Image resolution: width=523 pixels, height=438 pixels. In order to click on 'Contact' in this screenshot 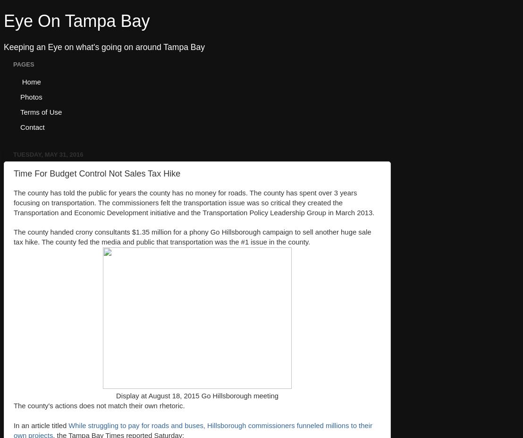, I will do `click(20, 126)`.